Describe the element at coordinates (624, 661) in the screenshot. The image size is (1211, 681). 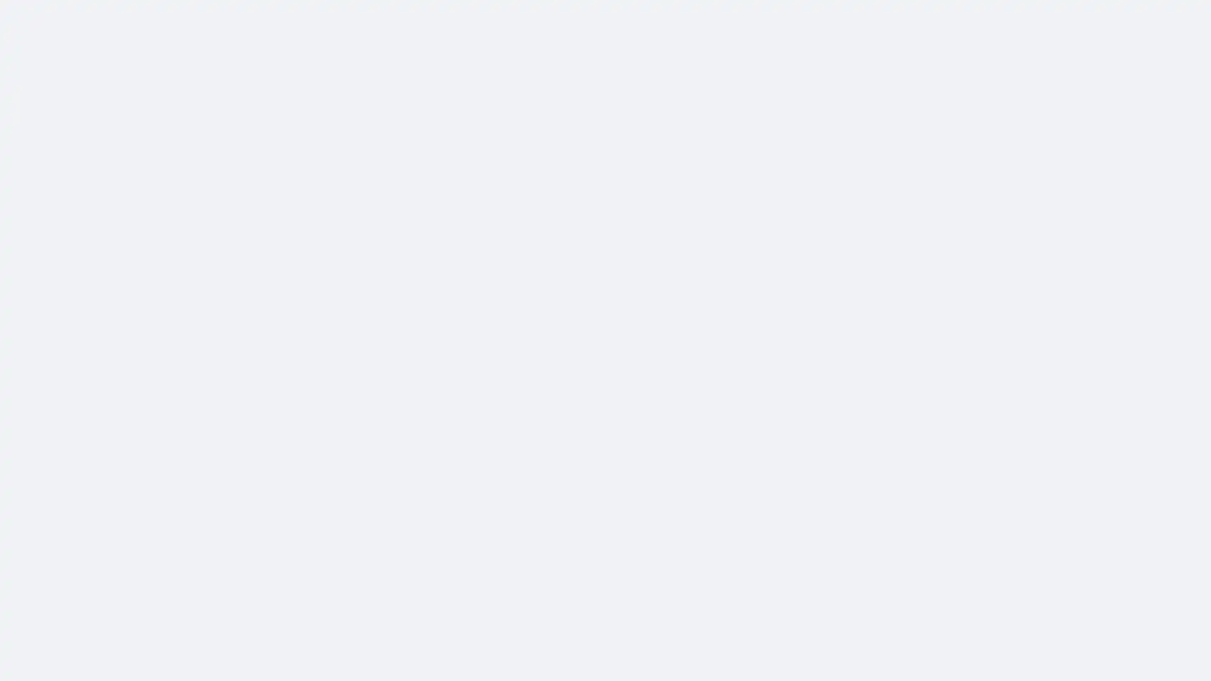
I see `Like` at that location.